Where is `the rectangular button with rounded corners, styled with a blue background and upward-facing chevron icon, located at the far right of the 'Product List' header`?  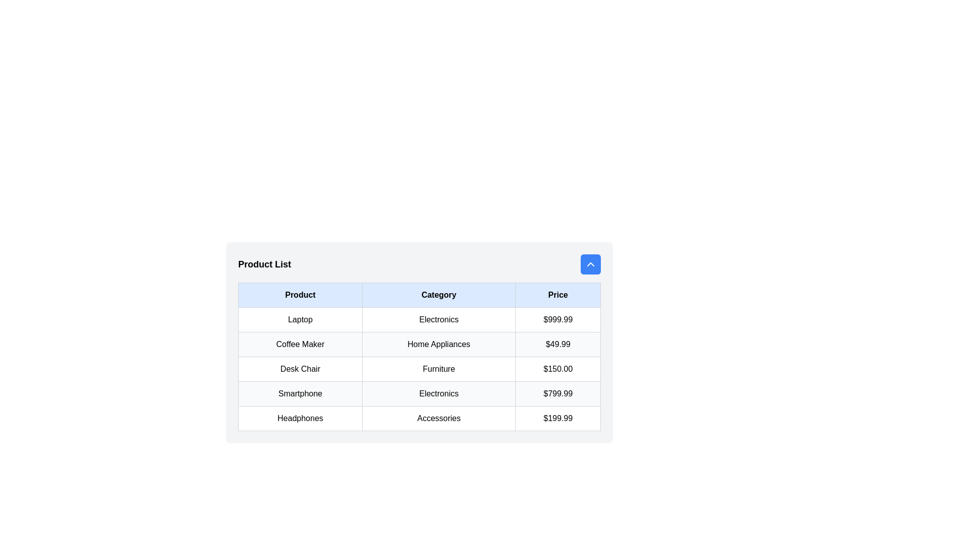 the rectangular button with rounded corners, styled with a blue background and upward-facing chevron icon, located at the far right of the 'Product List' header is located at coordinates (590, 263).